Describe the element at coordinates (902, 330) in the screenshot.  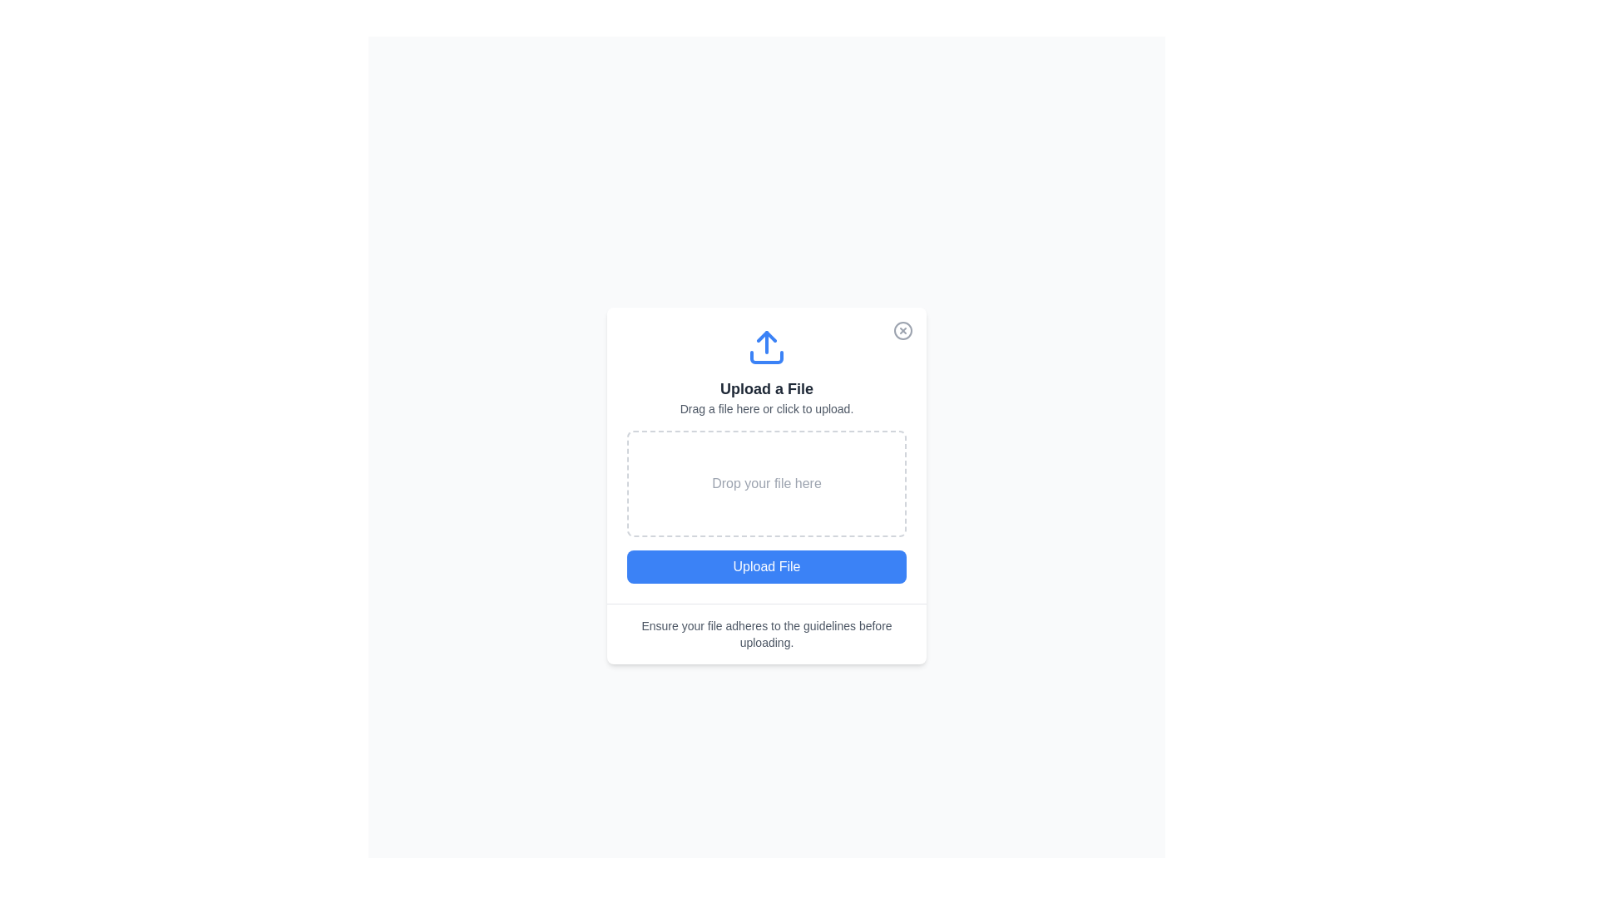
I see `the SVG Circle element that serves as part of the close or cancel button located in the top right corner of the file upload interface card` at that location.